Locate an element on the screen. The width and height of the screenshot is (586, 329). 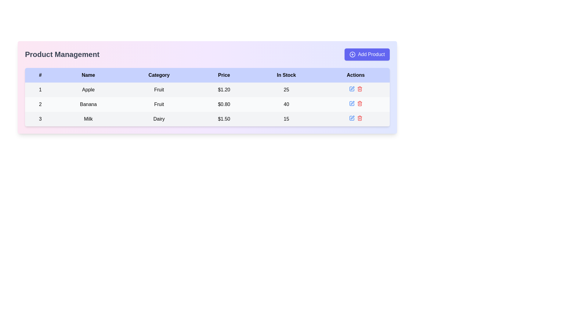
the 'Actions' column header cell in the table, which is the last column header following the columns '#', 'Name', 'Category', 'Price', and 'In Stock' is located at coordinates (356, 75).